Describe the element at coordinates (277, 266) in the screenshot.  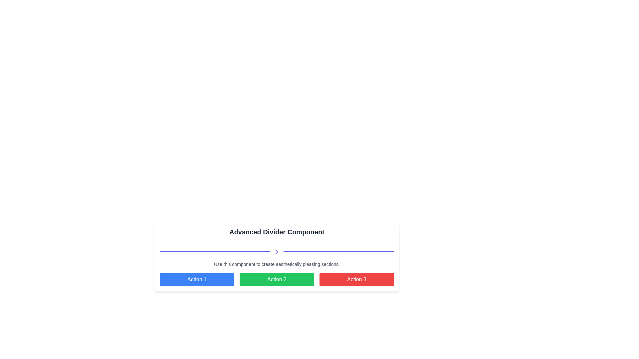
I see `the horizontal separator located in the 'Advanced Divider Component', which features a chevron icon and is positioned above the descriptive text and action buttons` at that location.